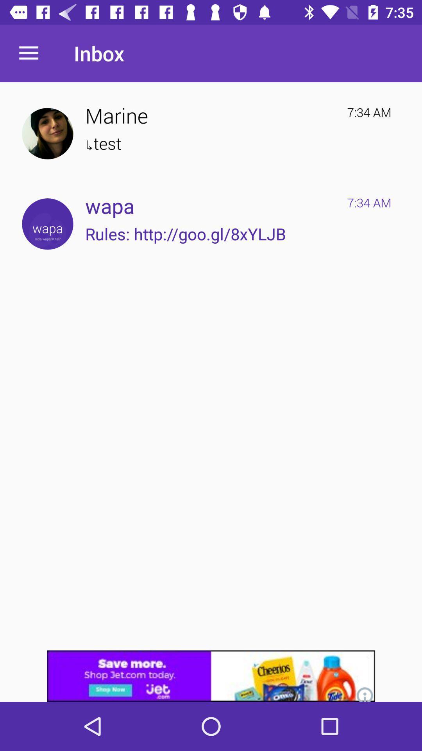 This screenshot has width=422, height=751. I want to click on click photo button, so click(47, 133).